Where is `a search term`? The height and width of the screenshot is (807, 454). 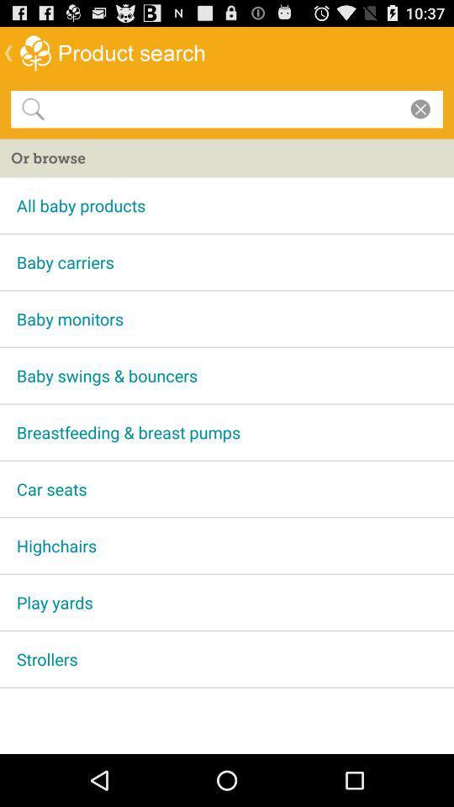 a search term is located at coordinates (224, 108).